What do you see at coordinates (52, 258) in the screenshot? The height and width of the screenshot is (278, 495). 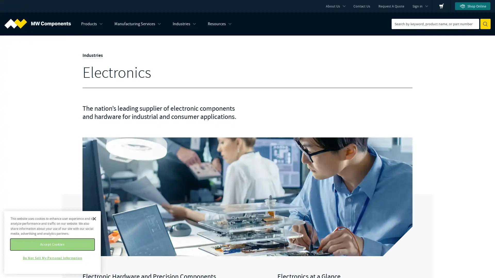 I see `Do Not Sell My Personal Information` at bounding box center [52, 258].